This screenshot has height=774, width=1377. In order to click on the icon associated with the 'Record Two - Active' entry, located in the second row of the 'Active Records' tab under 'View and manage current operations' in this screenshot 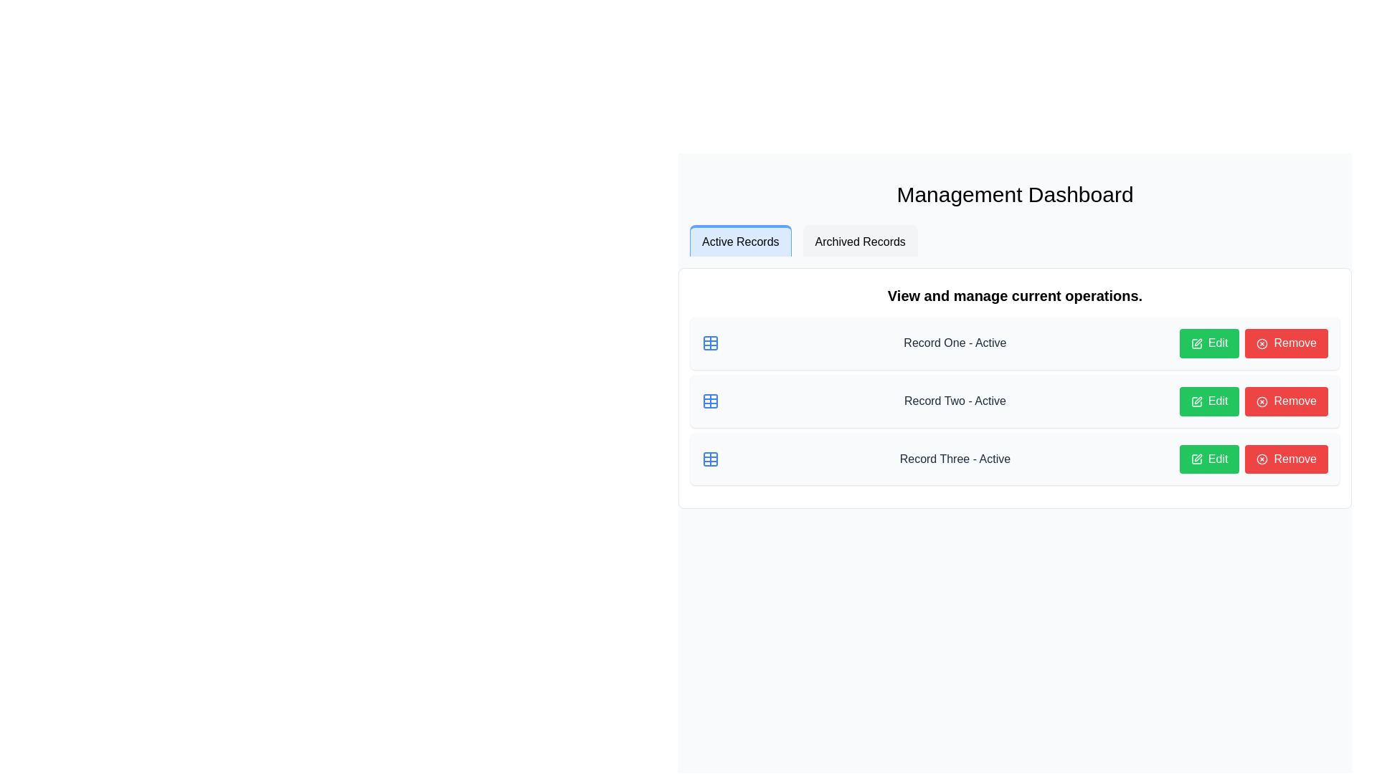, I will do `click(710, 401)`.